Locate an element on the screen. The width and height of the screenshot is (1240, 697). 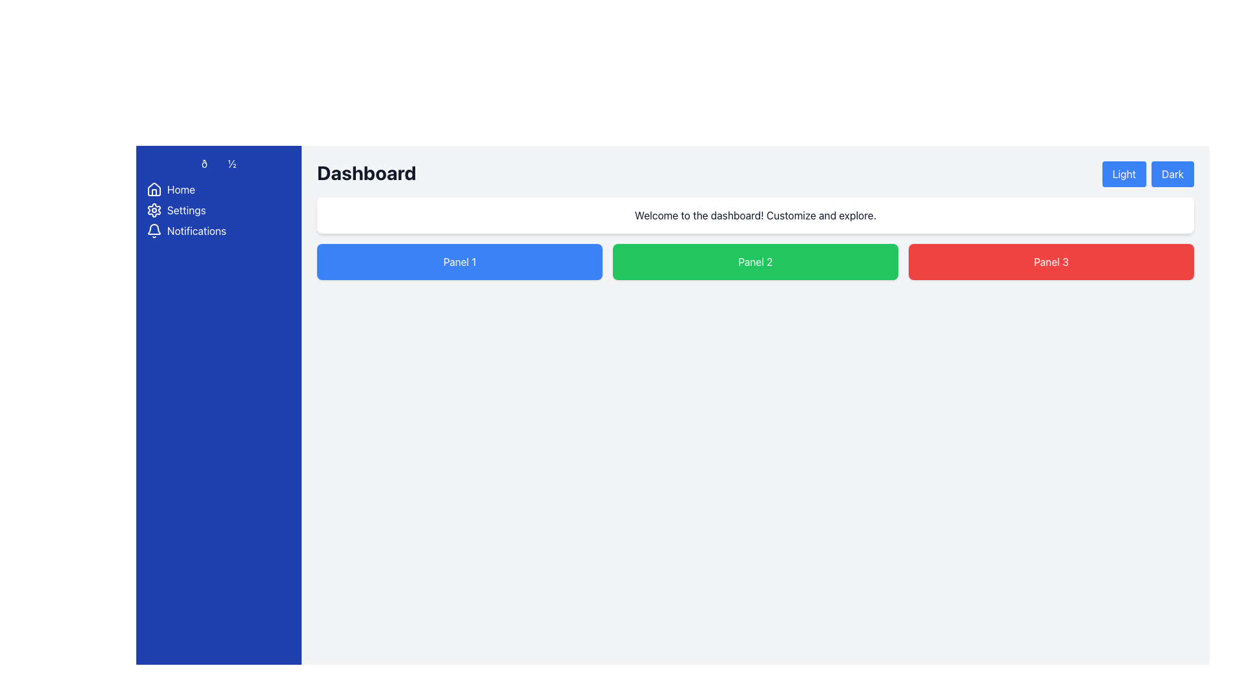
the green rectangular tile labeled 'Panel 2' which is centrally located among three panels in a grid layout is located at coordinates (756, 261).